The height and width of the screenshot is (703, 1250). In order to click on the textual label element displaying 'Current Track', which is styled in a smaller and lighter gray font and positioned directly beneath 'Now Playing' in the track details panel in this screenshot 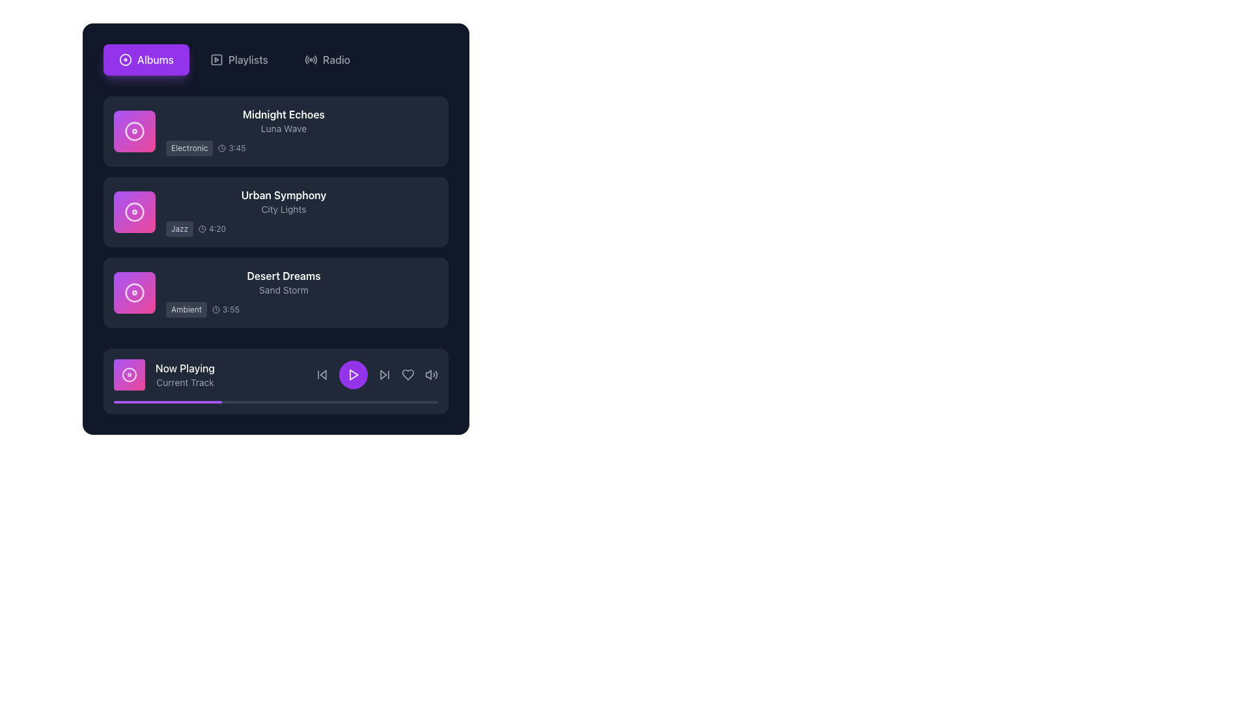, I will do `click(184, 381)`.